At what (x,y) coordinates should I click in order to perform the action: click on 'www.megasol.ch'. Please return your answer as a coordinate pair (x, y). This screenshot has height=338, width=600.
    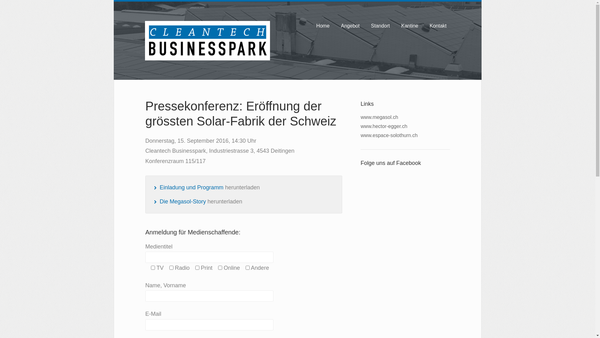
    Looking at the image, I should click on (379, 117).